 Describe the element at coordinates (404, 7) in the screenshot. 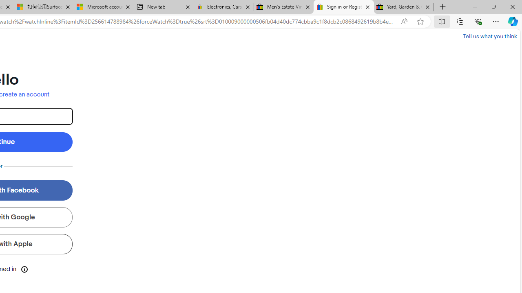

I see `'Yard, Garden & Outdoor Living'` at that location.